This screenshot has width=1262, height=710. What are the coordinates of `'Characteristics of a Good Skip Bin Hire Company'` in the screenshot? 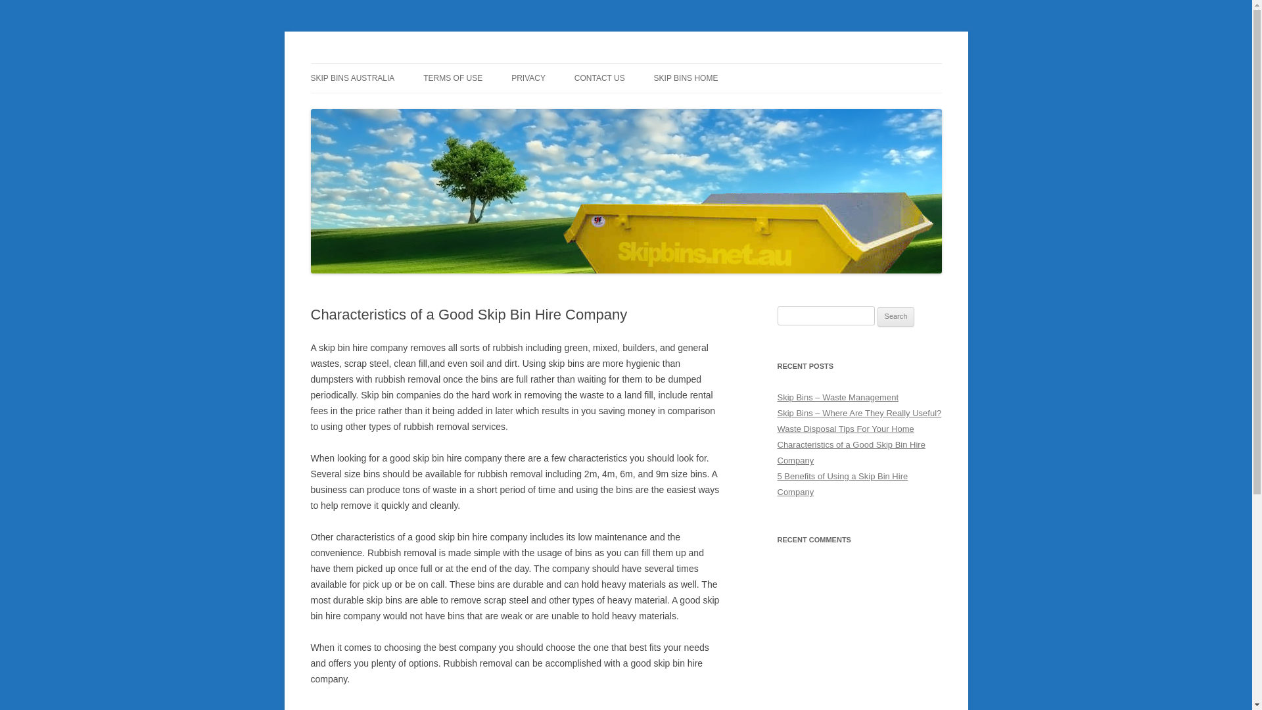 It's located at (851, 452).